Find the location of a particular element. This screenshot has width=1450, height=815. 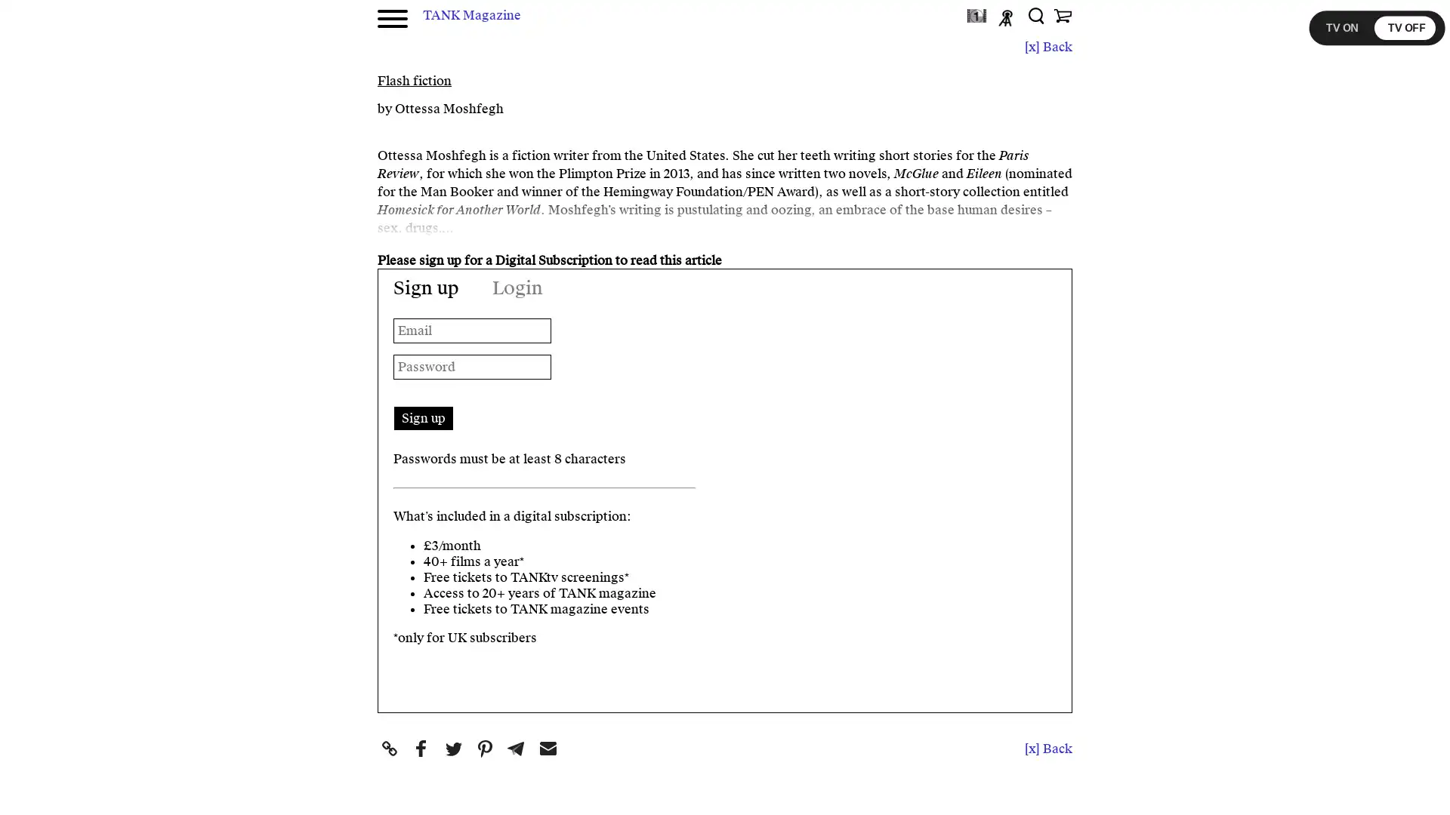

Share to Telegram is located at coordinates (520, 748).